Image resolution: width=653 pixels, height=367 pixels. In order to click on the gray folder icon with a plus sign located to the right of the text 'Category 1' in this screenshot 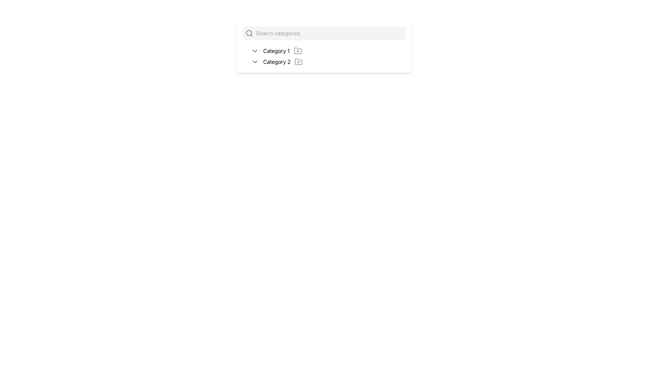, I will do `click(298, 51)`.